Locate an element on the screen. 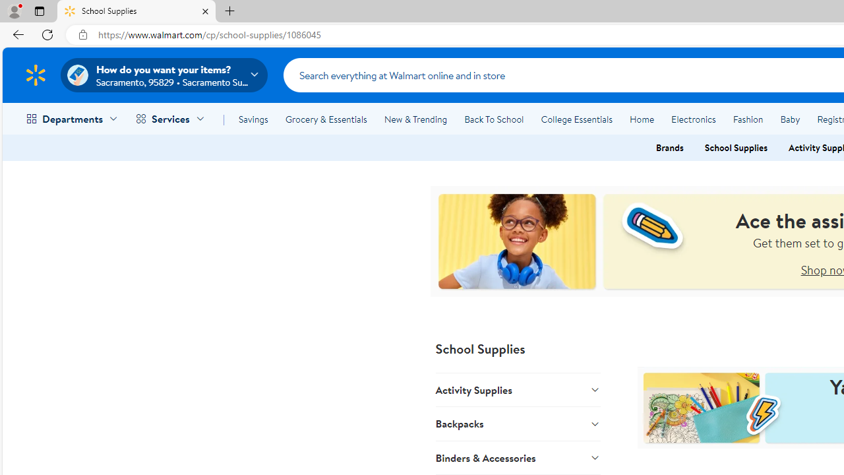 The width and height of the screenshot is (844, 475). 'Brands' is located at coordinates (669, 148).